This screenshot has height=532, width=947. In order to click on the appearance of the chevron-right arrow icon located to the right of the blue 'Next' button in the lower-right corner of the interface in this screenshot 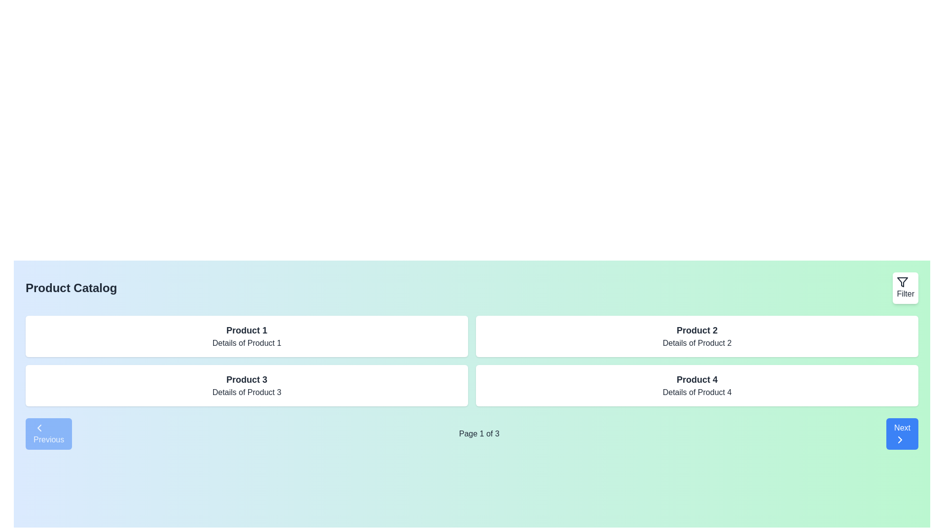, I will do `click(900, 439)`.